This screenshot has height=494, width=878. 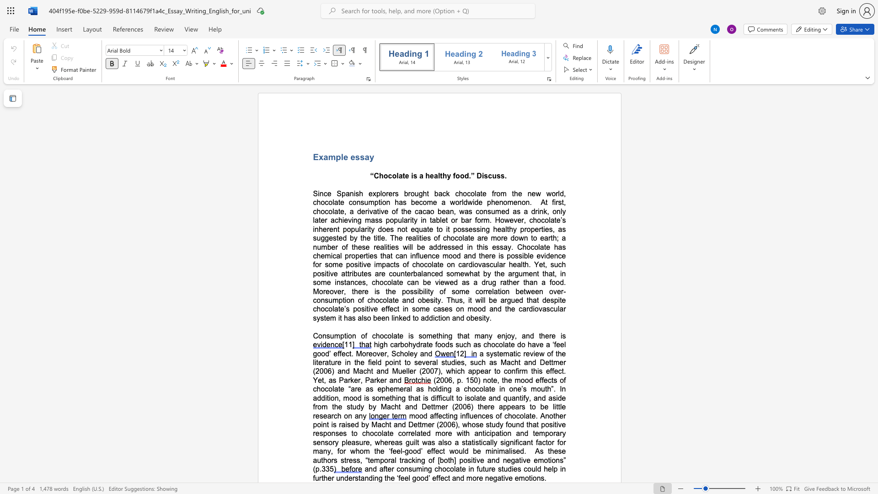 What do you see at coordinates (344, 362) in the screenshot?
I see `the subset text "in the field point to several studies, such as Macht and Dettmer (2006) and Macht and Mueller (2007" within the text "a systematic review of the literature in the field point to several studies, such as Macht and Dettmer (2006) and Macht and Mueller (2007), which"` at bounding box center [344, 362].